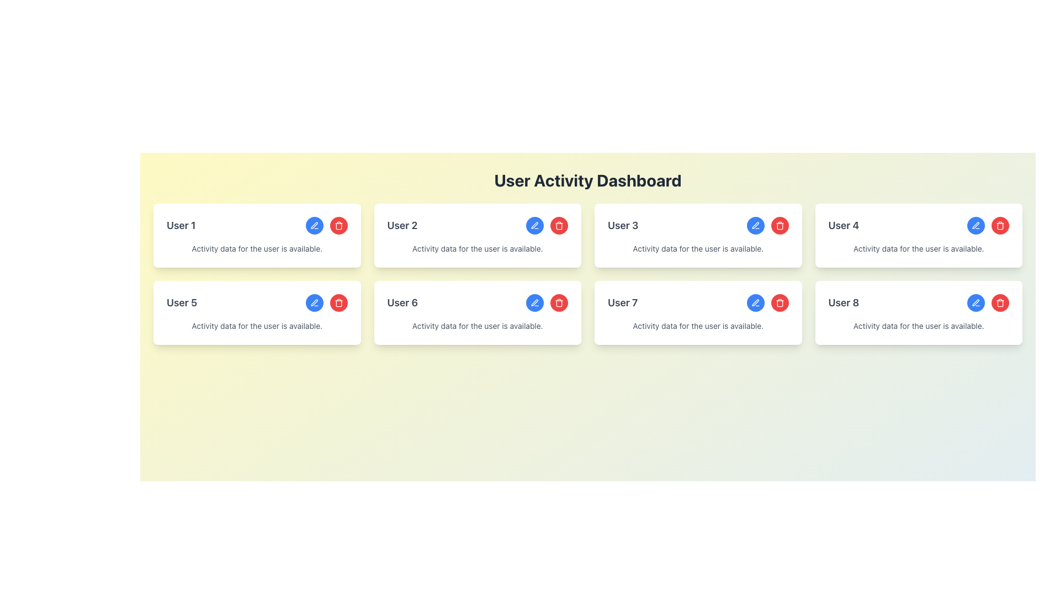 The height and width of the screenshot is (596, 1060). What do you see at coordinates (182, 302) in the screenshot?
I see `the text label displaying 'User 5' which is styled with a bold, large font and gray color, located in the second card of the second row in a grid layout` at bounding box center [182, 302].